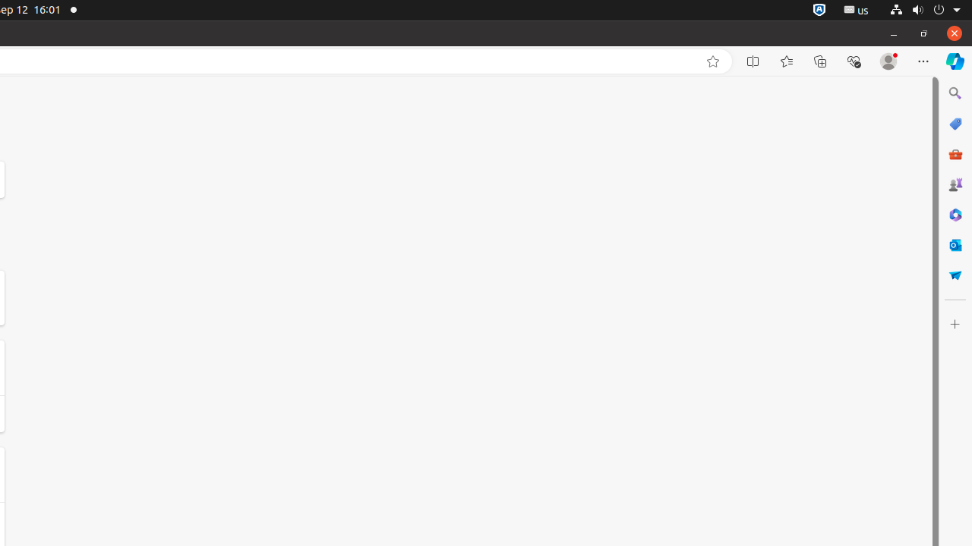 This screenshot has height=546, width=972. What do you see at coordinates (954, 243) in the screenshot?
I see `'Outlook'` at bounding box center [954, 243].